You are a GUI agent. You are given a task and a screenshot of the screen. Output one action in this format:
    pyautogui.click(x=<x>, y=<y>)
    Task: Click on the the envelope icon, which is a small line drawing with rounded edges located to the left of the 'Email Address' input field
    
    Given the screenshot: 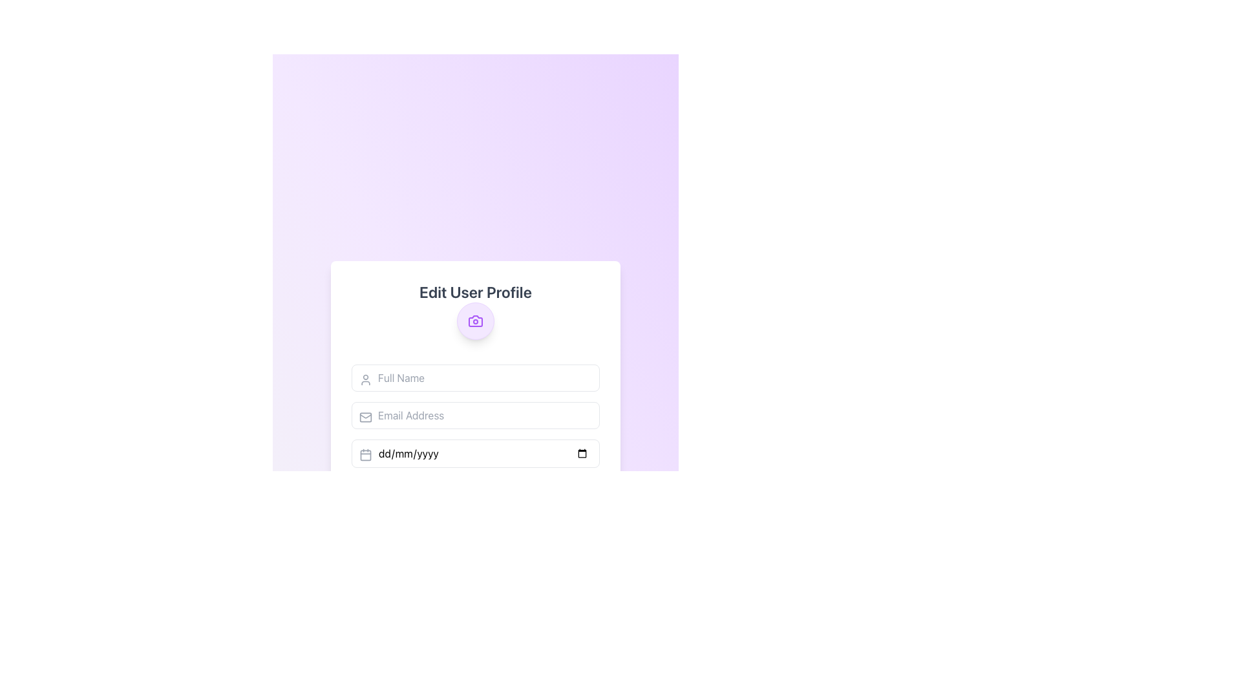 What is the action you would take?
    pyautogui.click(x=365, y=417)
    